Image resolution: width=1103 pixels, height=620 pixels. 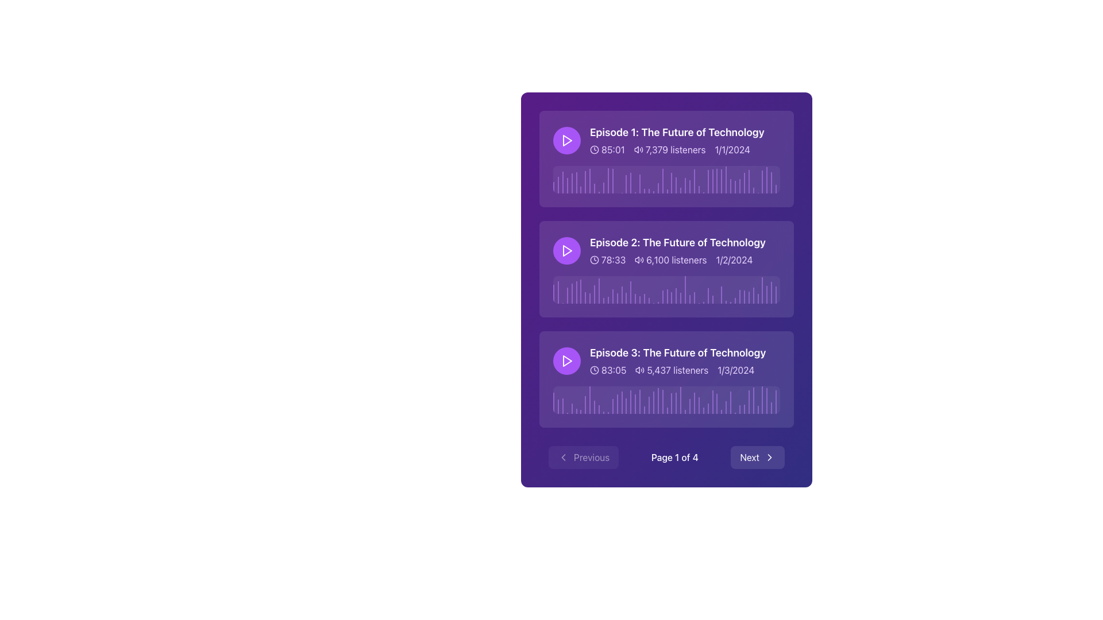 I want to click on the 13th vertical bar segment of the progress indicator component, which is a purple vertical bar overlay positioned within a waveform-like visual representation, by clicking on it, so click(x=607, y=181).